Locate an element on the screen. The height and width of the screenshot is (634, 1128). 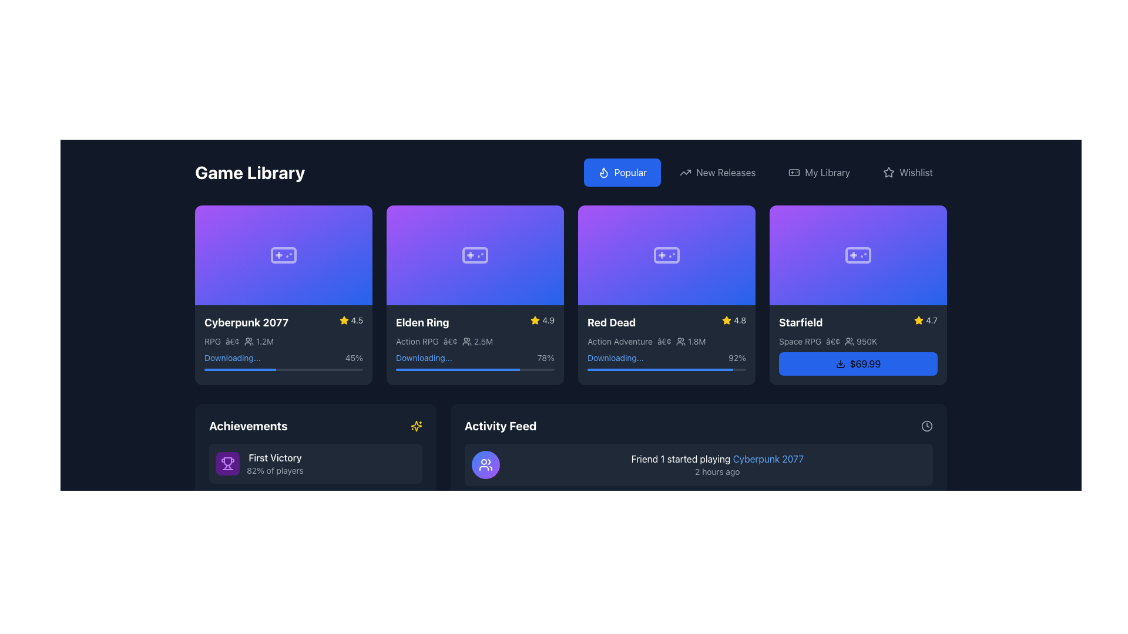
numeric text component displaying the total number of players associated with the game 'Elden Ring', located in the second item on the top row of game cards is located at coordinates (484, 341).